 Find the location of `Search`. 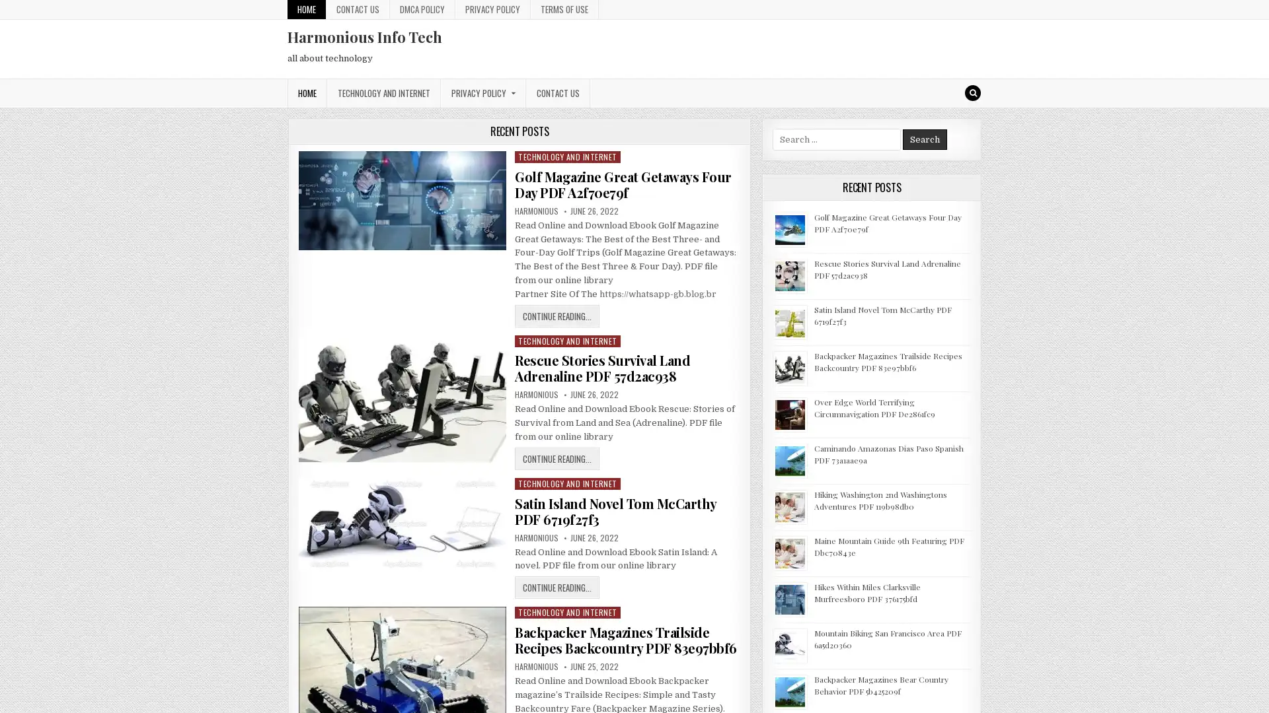

Search is located at coordinates (924, 139).